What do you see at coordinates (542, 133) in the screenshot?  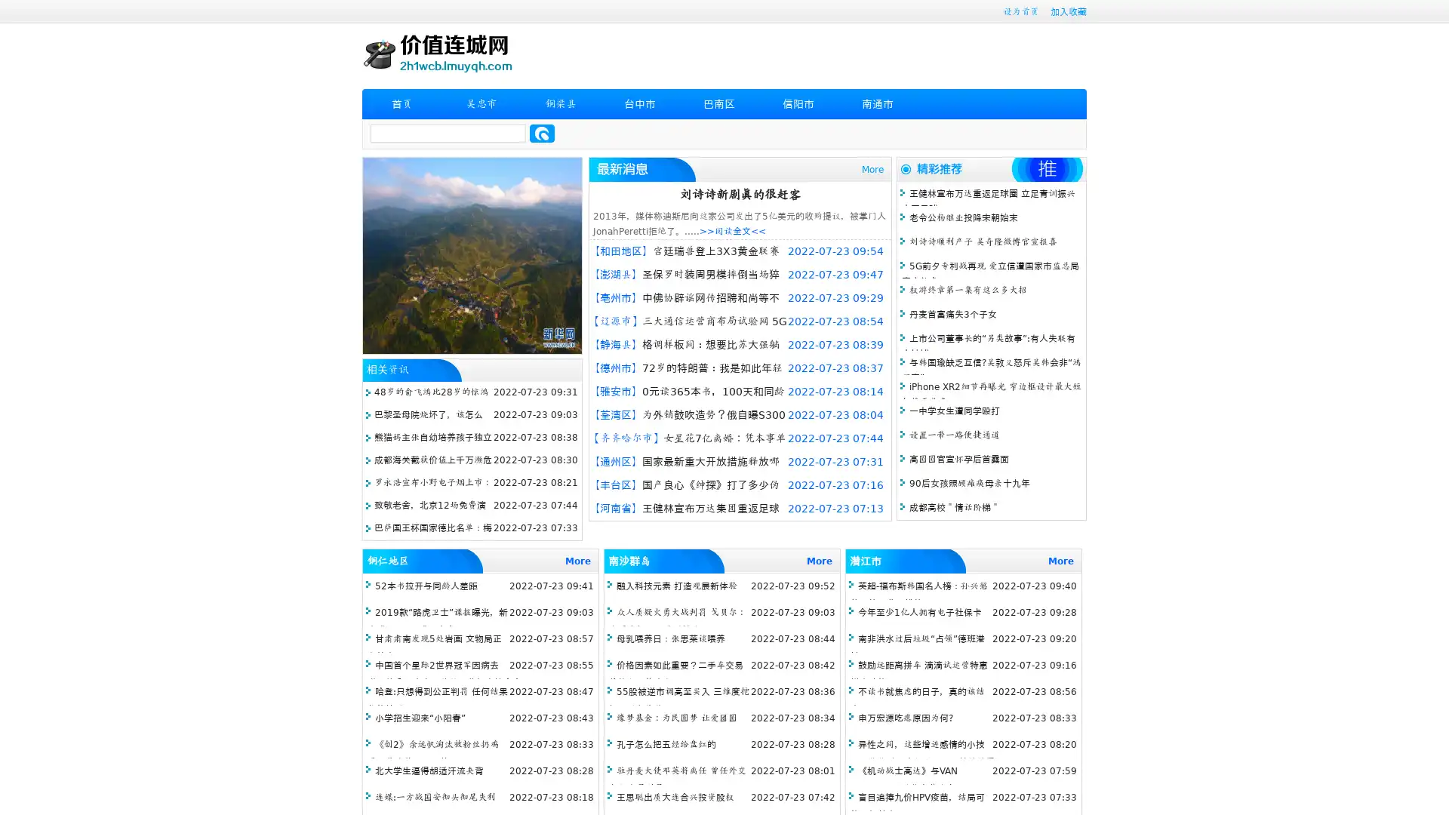 I see `Search` at bounding box center [542, 133].